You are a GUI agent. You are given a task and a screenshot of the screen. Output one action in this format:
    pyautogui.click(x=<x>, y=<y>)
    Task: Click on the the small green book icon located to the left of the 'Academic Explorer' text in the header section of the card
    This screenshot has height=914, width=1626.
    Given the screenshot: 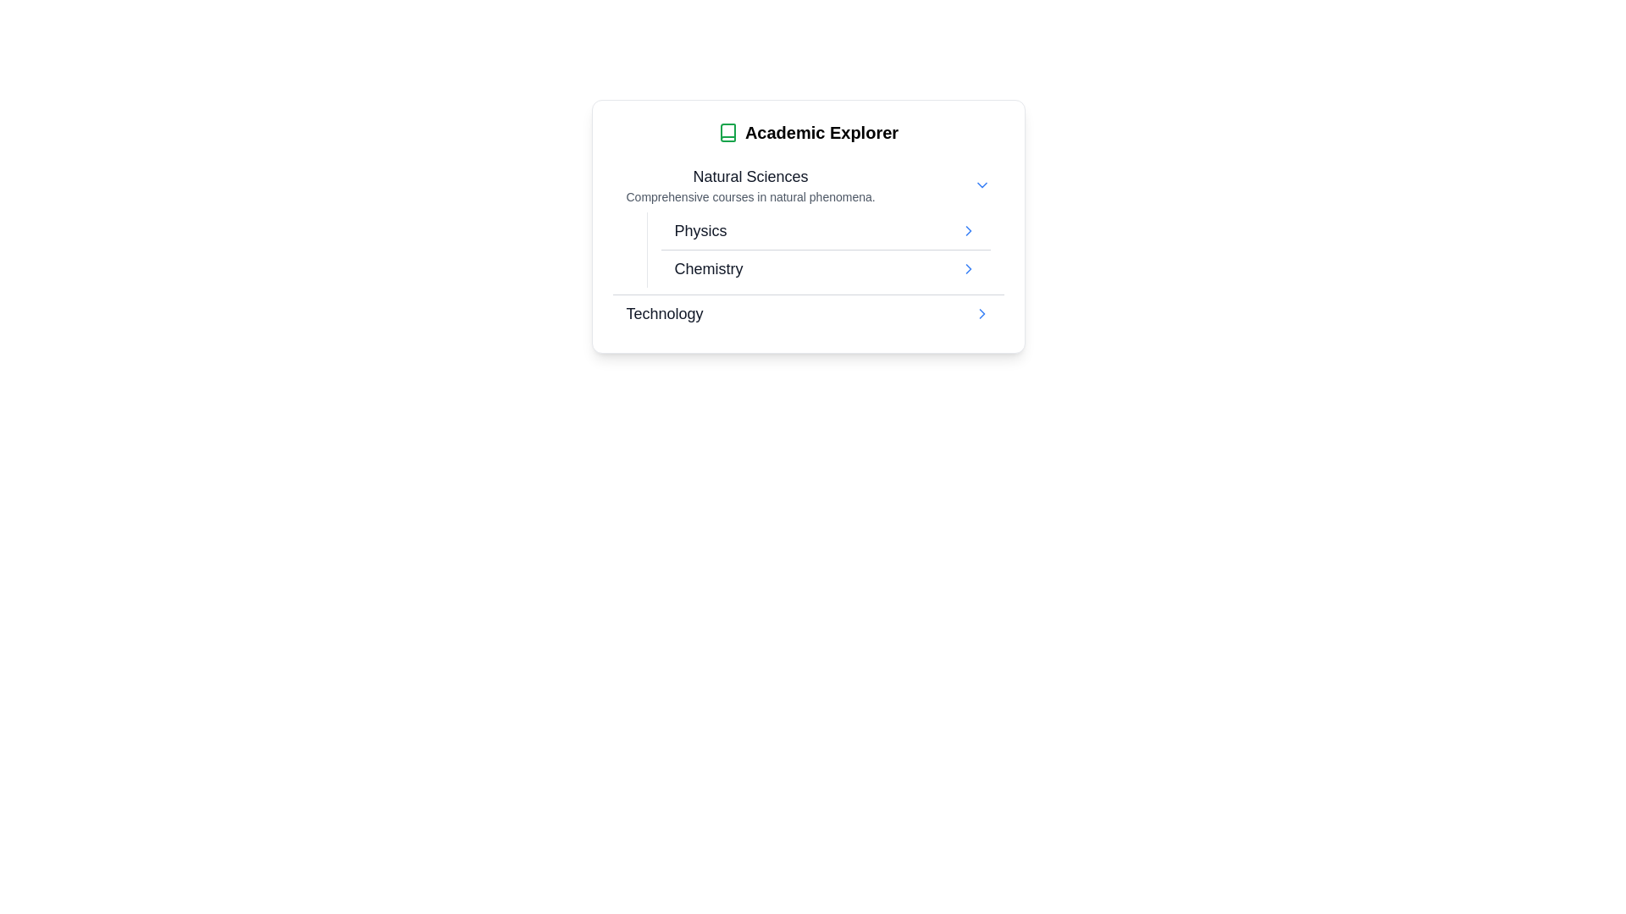 What is the action you would take?
    pyautogui.click(x=727, y=132)
    